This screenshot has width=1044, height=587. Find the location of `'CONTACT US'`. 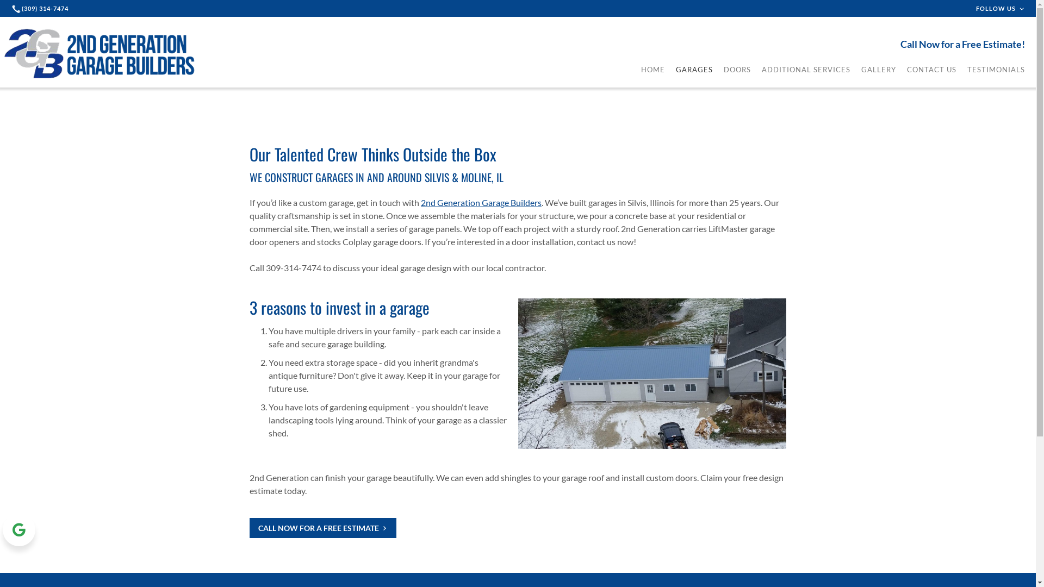

'CONTACT US' is located at coordinates (931, 69).